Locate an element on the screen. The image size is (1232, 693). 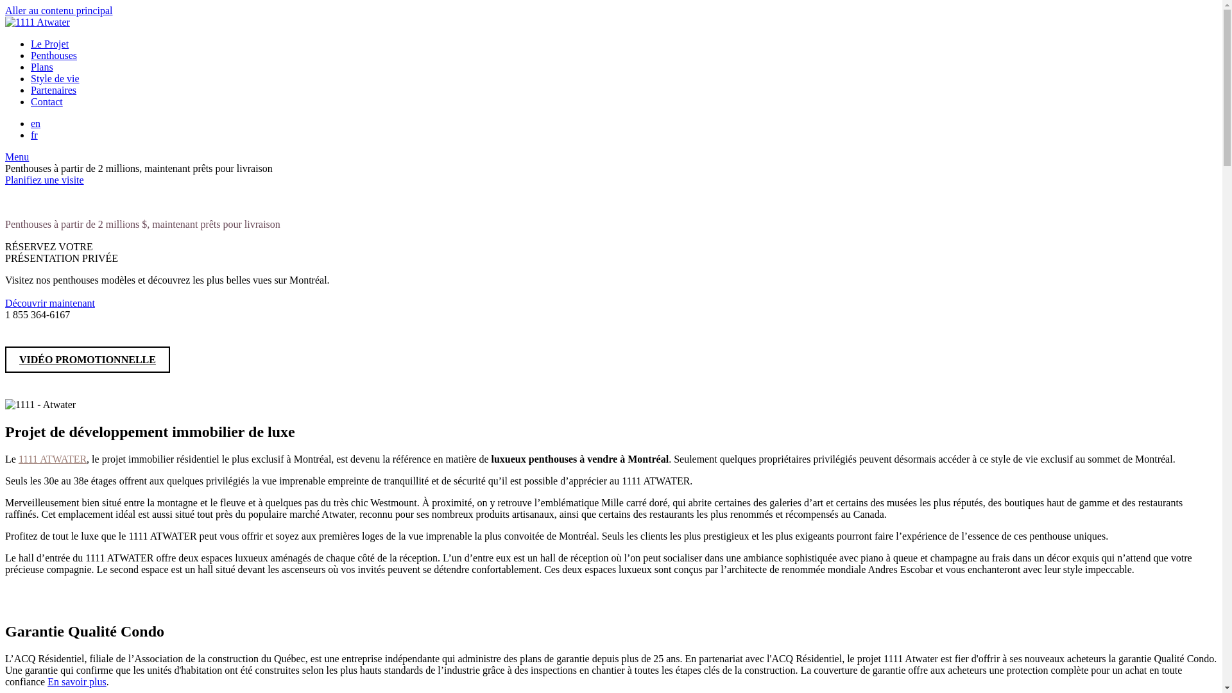
'Plans' is located at coordinates (42, 67).